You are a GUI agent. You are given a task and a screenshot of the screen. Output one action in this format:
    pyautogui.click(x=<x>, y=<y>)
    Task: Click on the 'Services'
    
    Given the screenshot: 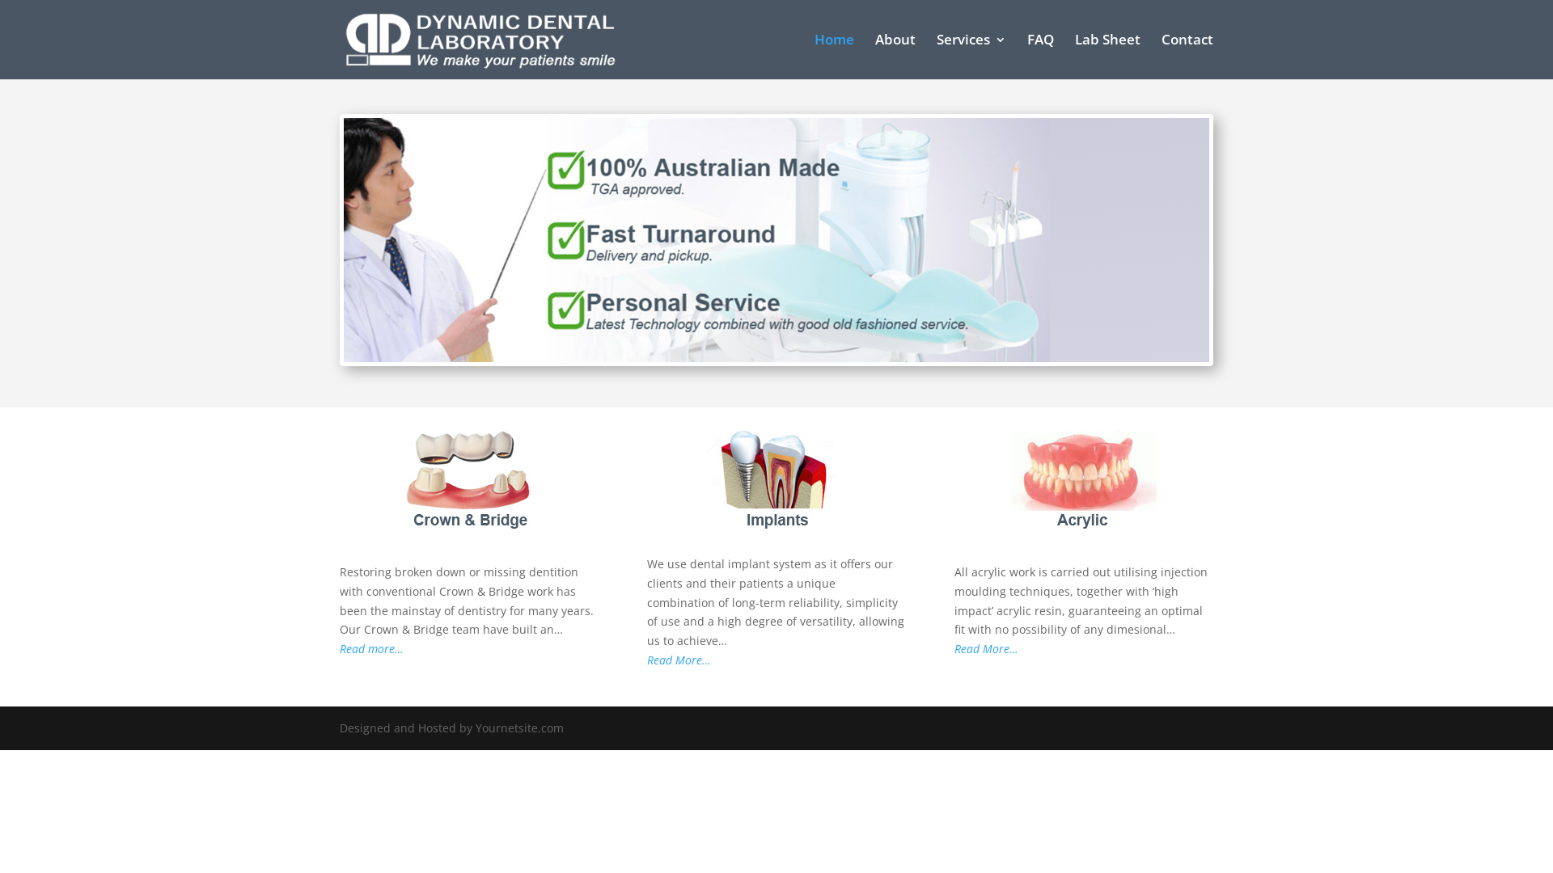 What is the action you would take?
    pyautogui.click(x=936, y=55)
    